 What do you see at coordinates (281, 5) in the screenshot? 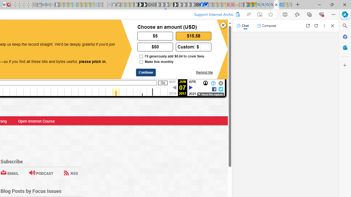
I see `'Services - Maintenance | Sky Blue Bikes - Sky Blue Bikes'` at bounding box center [281, 5].